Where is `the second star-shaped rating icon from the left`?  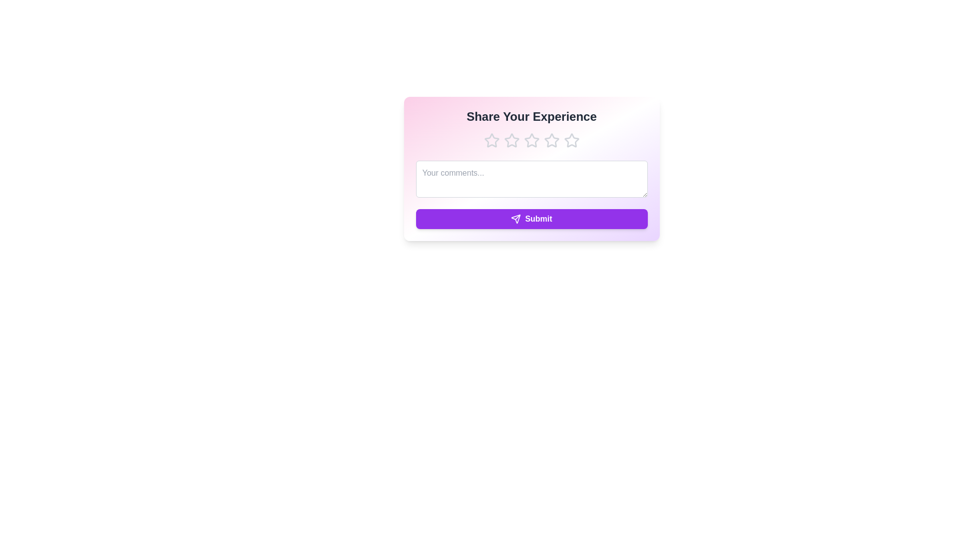 the second star-shaped rating icon from the left is located at coordinates (511, 140).